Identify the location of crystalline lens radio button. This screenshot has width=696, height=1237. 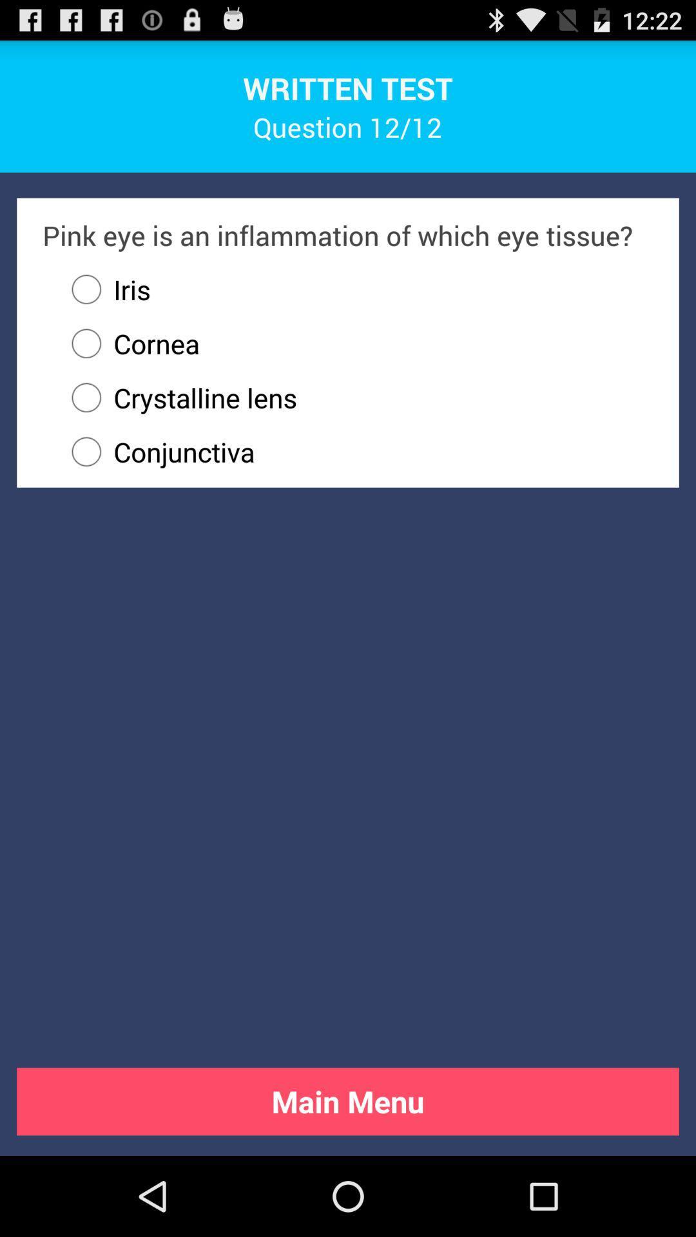
(356, 397).